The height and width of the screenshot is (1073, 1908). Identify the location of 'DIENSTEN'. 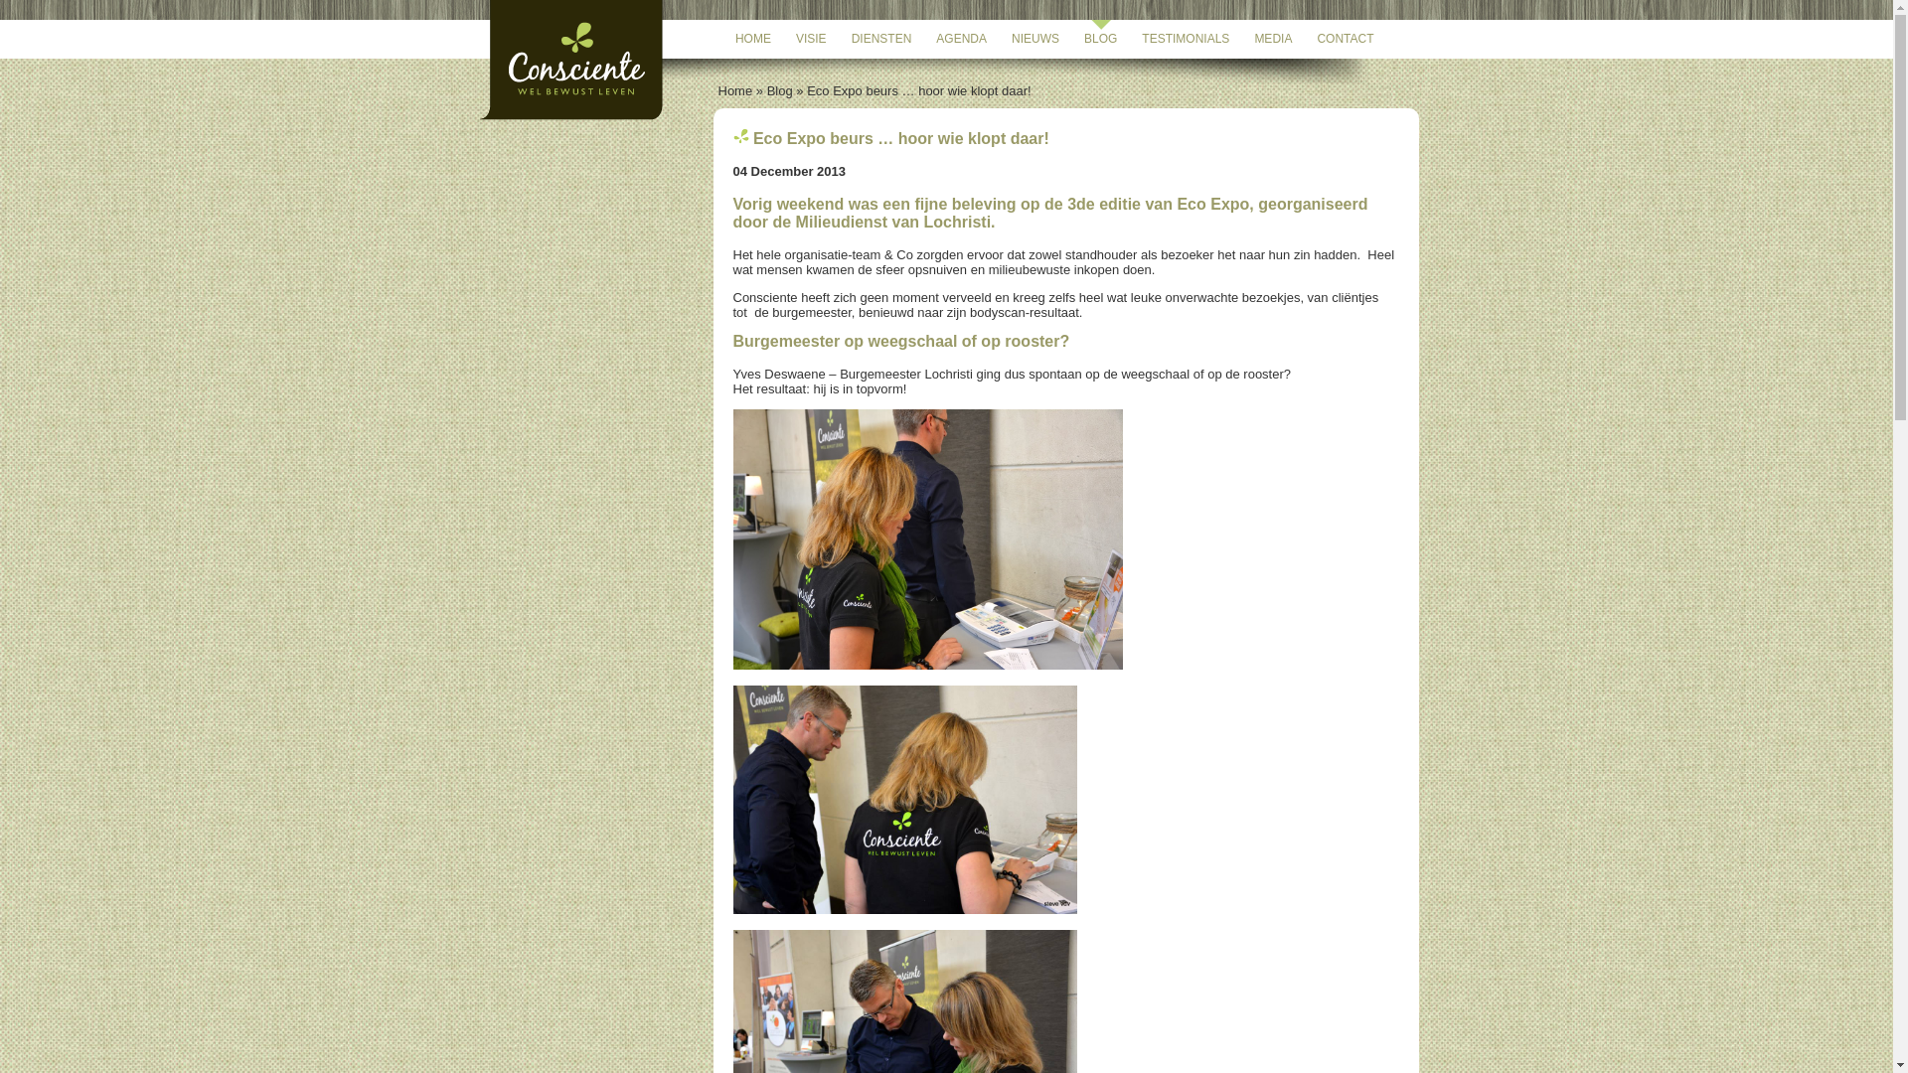
(880, 39).